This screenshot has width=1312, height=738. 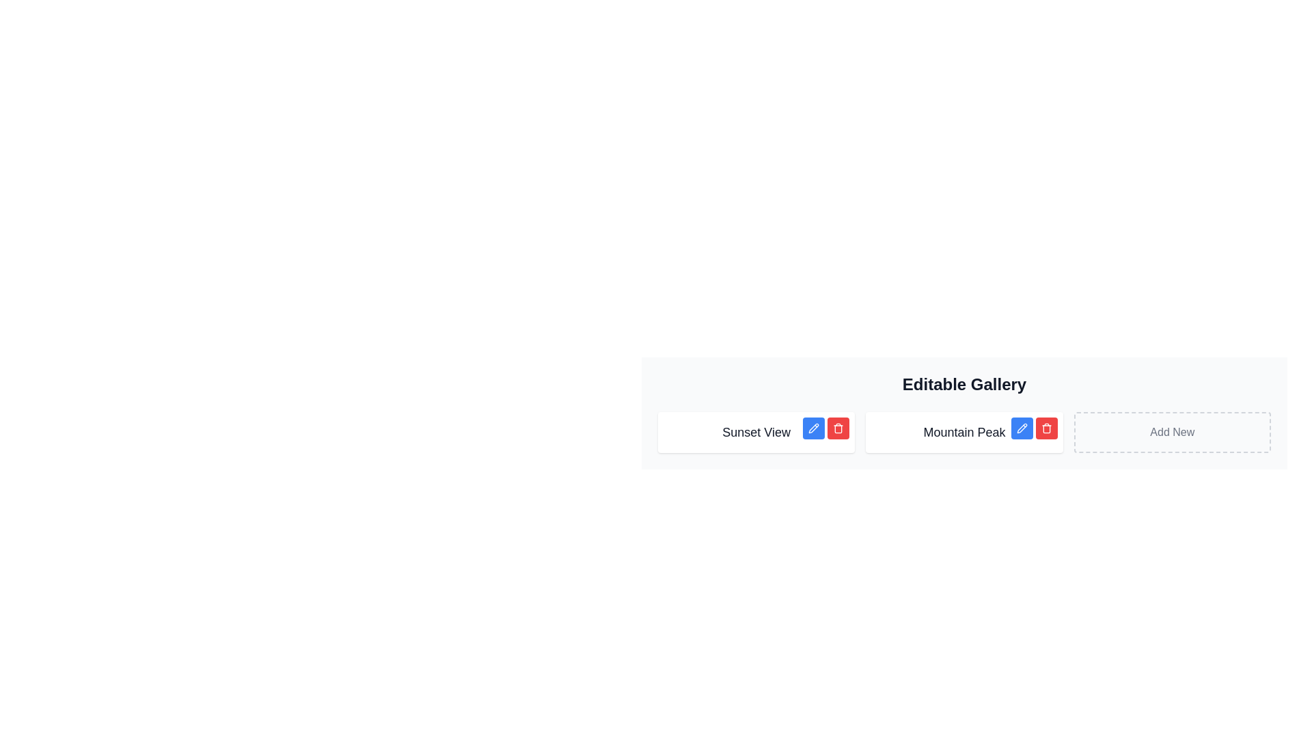 What do you see at coordinates (1022, 428) in the screenshot?
I see `the pencil icon within the 'Mountain Peak' button` at bounding box center [1022, 428].